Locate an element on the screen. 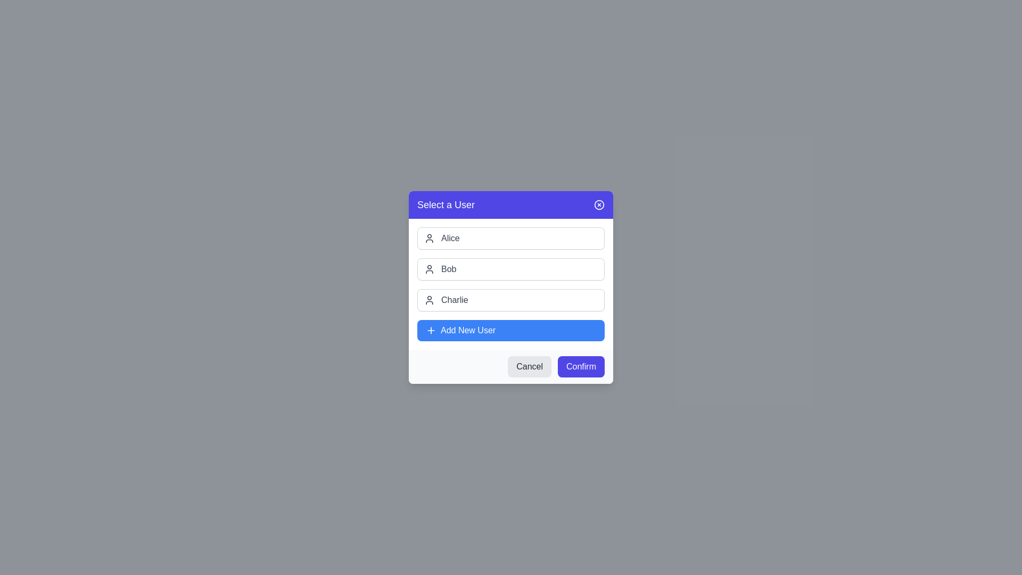  the user's name label, which is the third item in a list of user names in a modal dialog is located at coordinates (455, 300).